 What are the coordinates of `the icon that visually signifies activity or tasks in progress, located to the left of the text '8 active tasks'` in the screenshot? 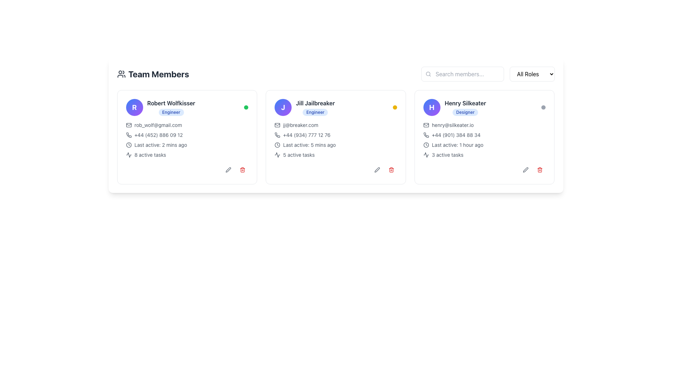 It's located at (129, 154).